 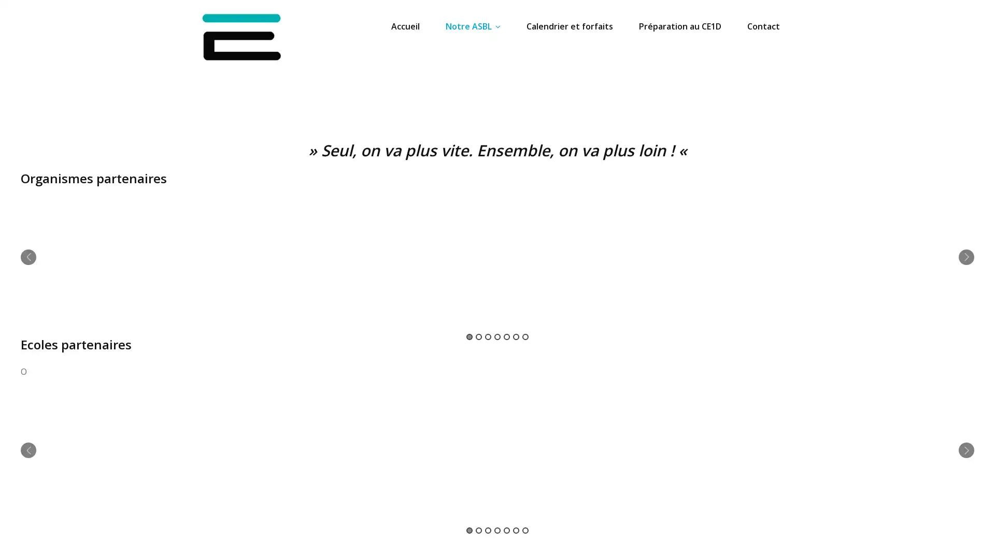 What do you see at coordinates (507, 529) in the screenshot?
I see `5` at bounding box center [507, 529].